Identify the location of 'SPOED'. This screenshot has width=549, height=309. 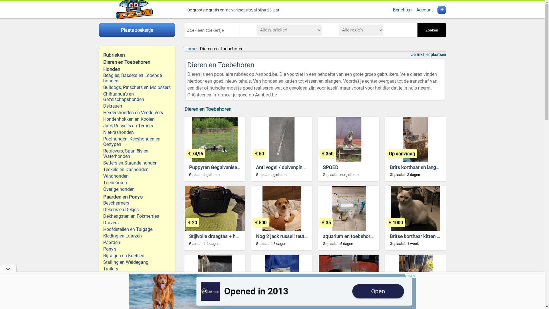
(323, 167).